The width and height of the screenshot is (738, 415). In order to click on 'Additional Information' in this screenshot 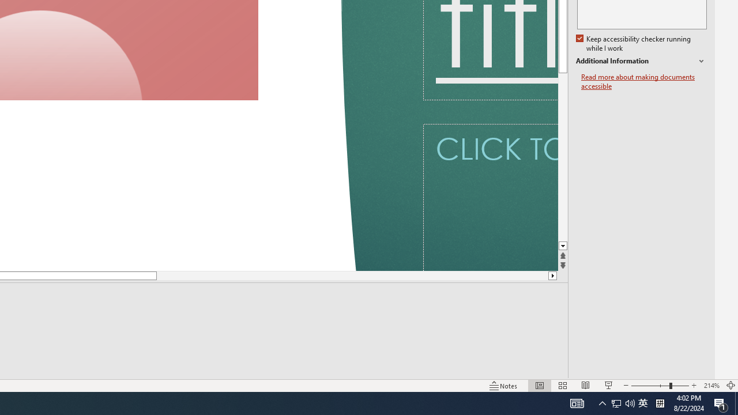, I will do `click(641, 61)`.